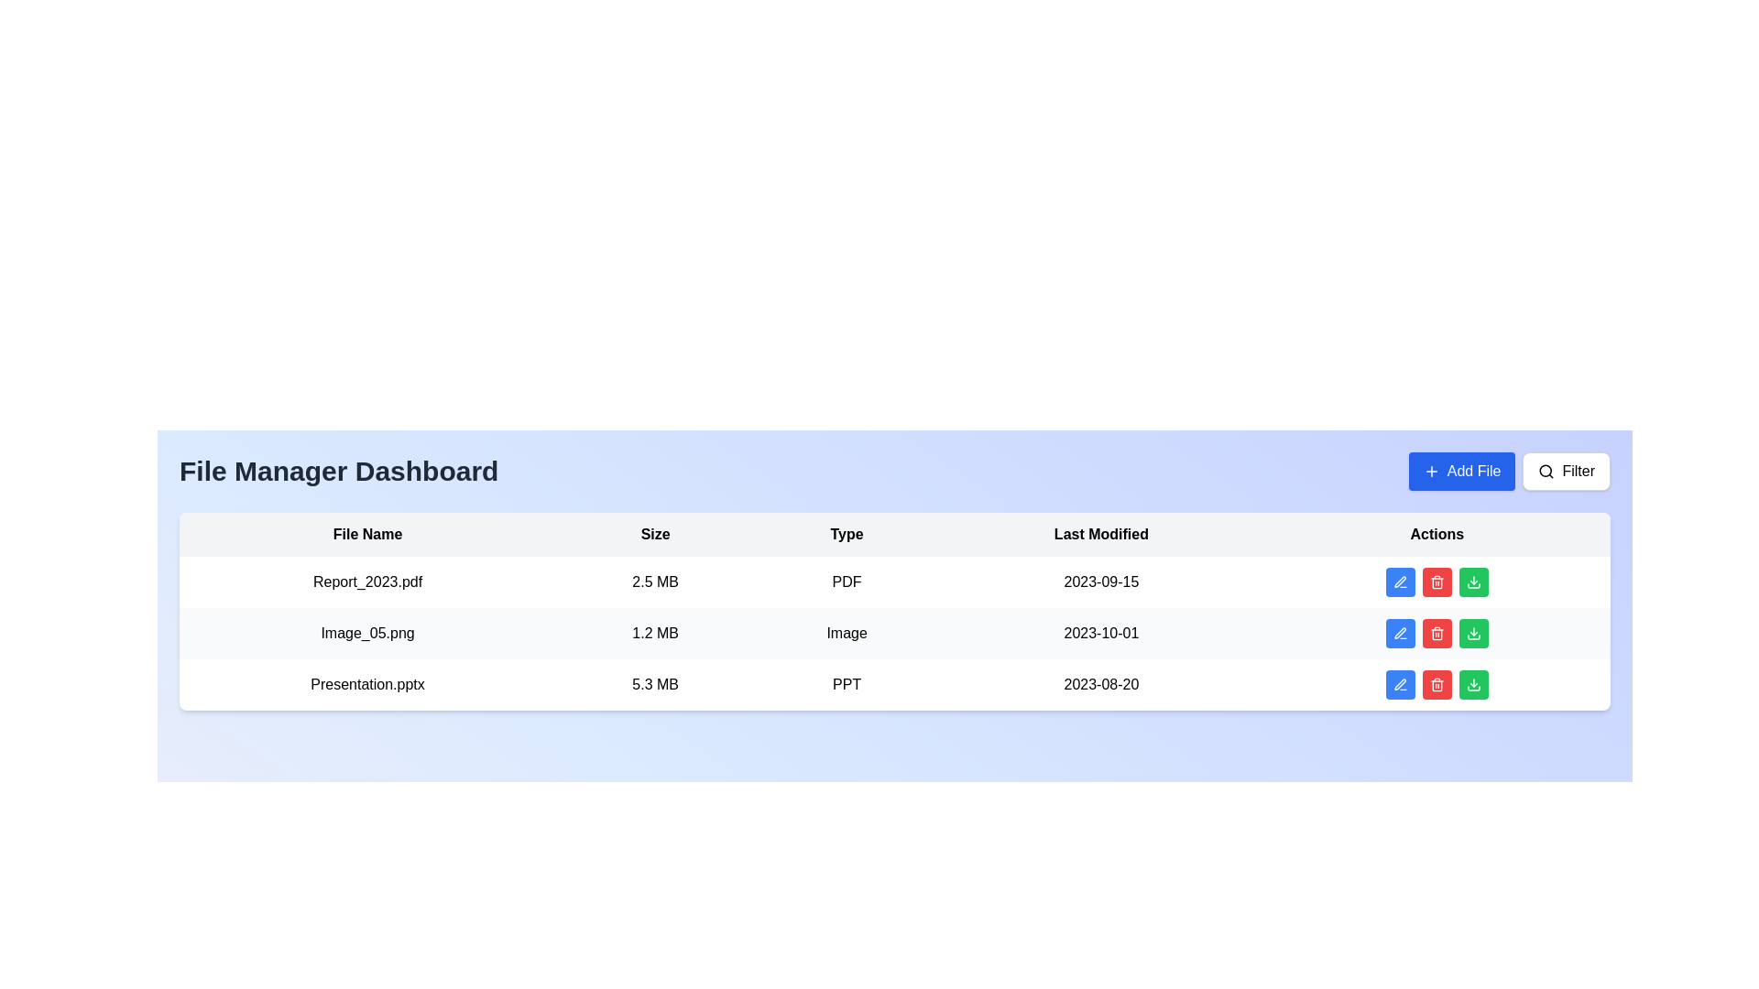  Describe the element at coordinates (1473, 685) in the screenshot. I see `the download icon within the 'Actions' column of the third row in the table to initiate the download` at that location.